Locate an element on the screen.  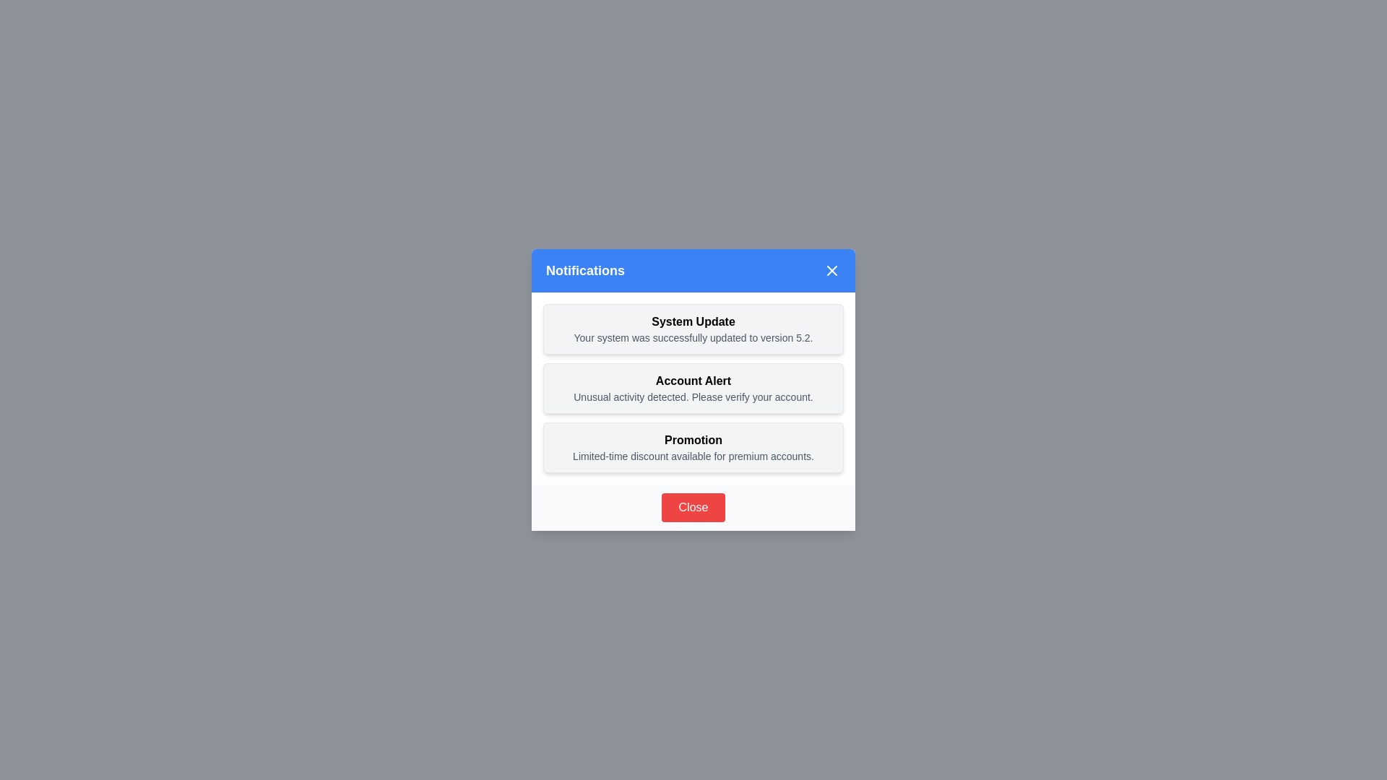
the title text label of the first notification entry in the 'Notifications' modal window, which summarizes the main subject of the message is located at coordinates (693, 321).